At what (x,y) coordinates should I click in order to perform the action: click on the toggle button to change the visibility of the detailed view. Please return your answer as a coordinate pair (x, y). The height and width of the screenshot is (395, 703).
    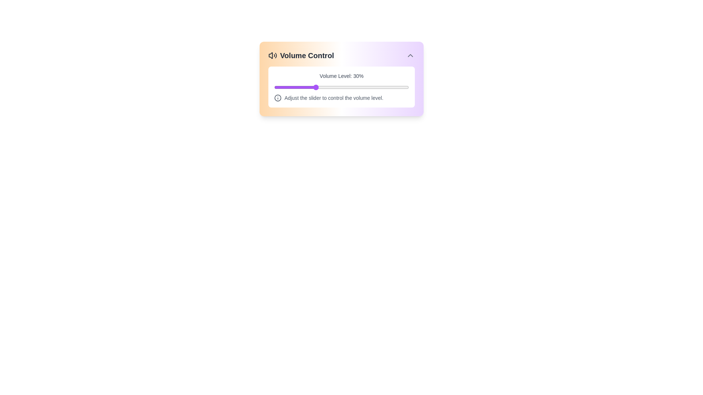
    Looking at the image, I should click on (410, 55).